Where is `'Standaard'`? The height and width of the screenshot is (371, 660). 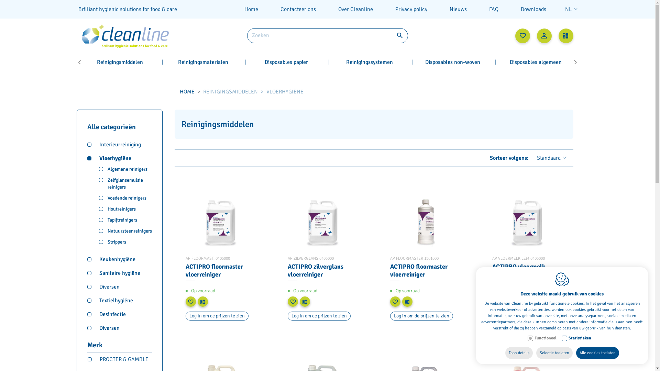 'Standaard' is located at coordinates (551, 158).